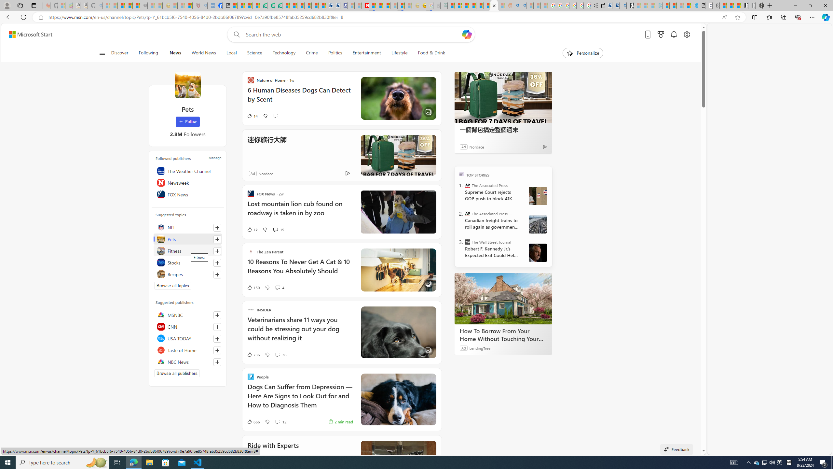  I want to click on 'Nordace - Nordace Siena Is Not An Ordinary Backpack', so click(759, 5).